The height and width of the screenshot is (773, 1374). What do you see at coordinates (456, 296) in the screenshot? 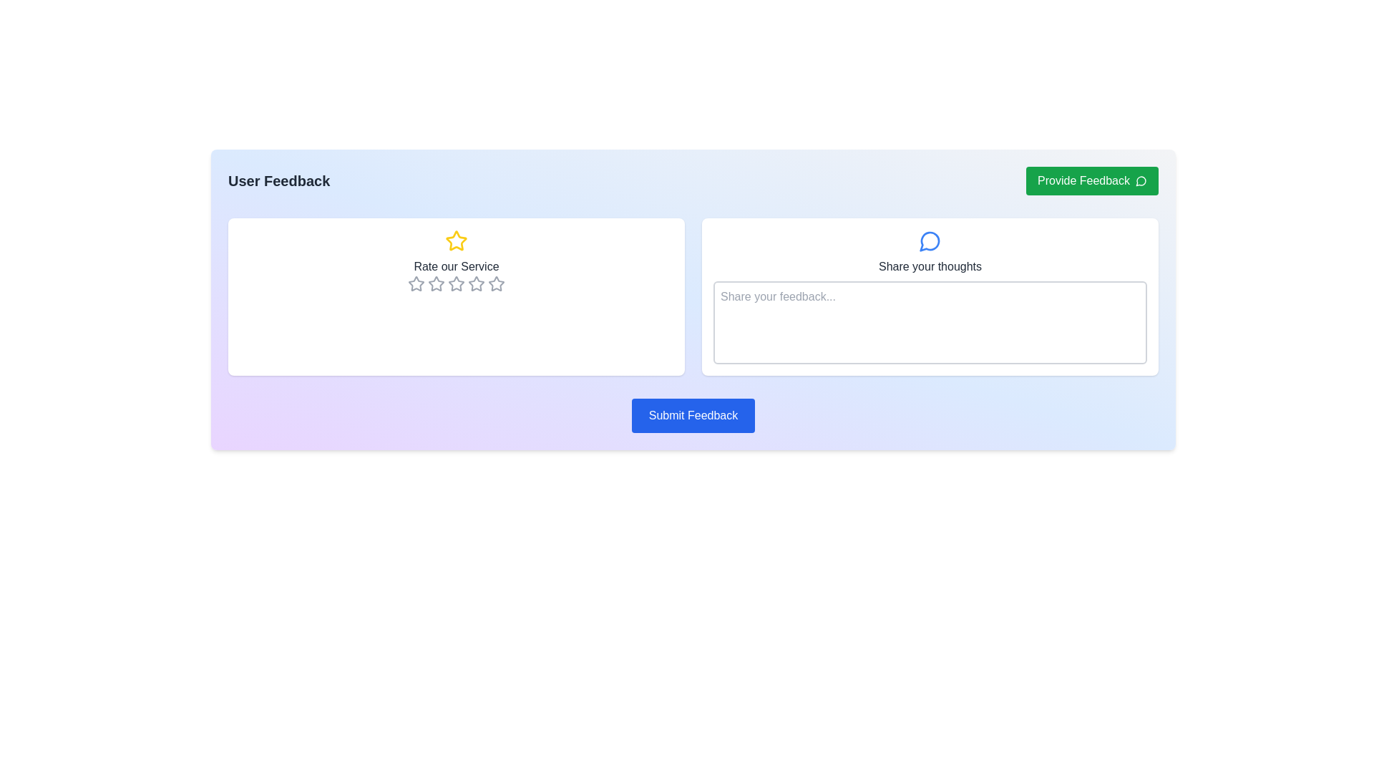
I see `label of the rating card UI component located in the left panel of the grid layout to understand its context` at bounding box center [456, 296].